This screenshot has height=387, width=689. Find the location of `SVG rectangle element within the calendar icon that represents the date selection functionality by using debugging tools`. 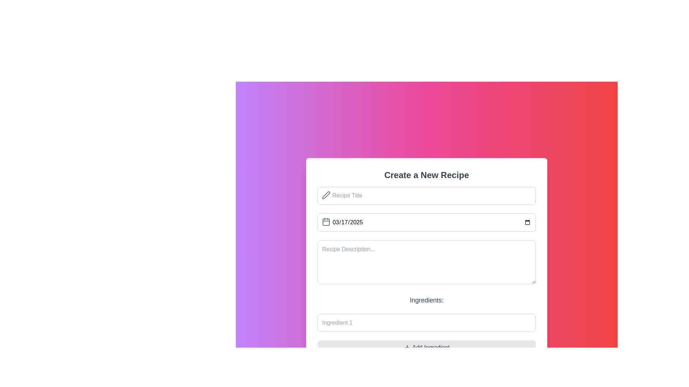

SVG rectangle element within the calendar icon that represents the date selection functionality by using debugging tools is located at coordinates (325, 222).